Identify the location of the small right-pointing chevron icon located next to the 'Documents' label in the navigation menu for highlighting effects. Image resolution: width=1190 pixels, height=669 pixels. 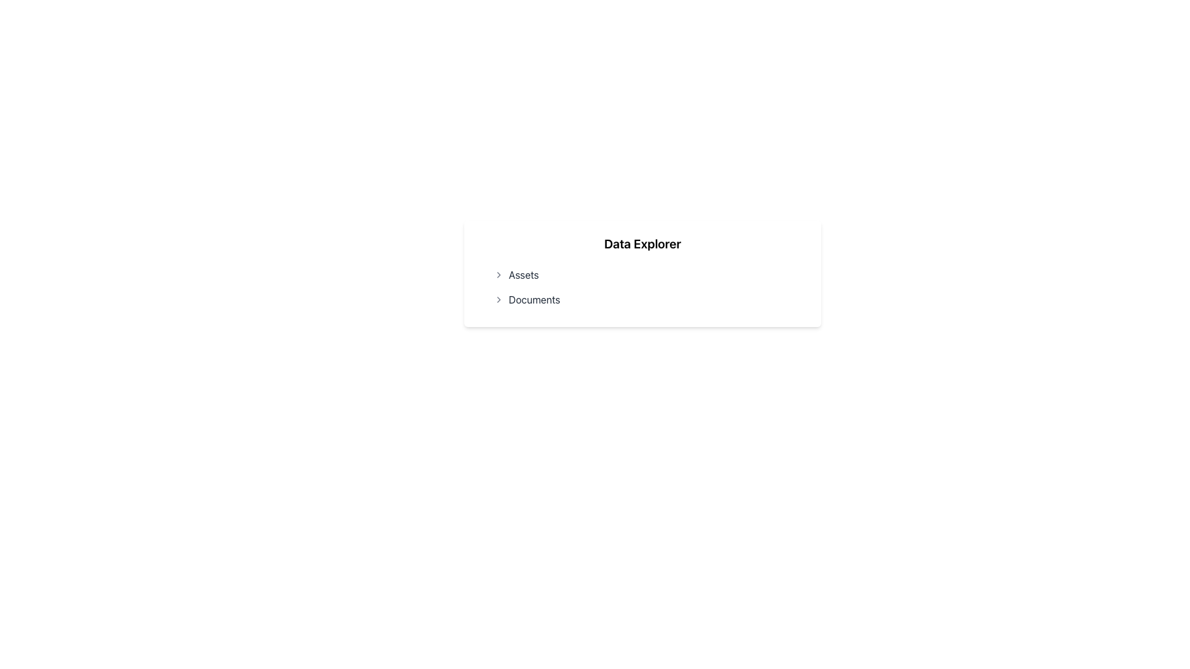
(499, 299).